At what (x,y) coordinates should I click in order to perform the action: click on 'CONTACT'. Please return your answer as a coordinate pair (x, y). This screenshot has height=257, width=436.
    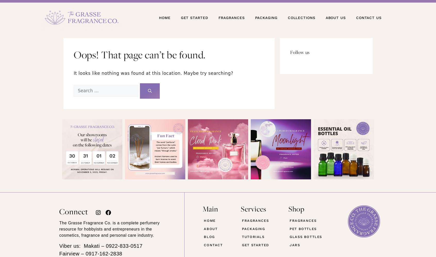
    Looking at the image, I should click on (213, 244).